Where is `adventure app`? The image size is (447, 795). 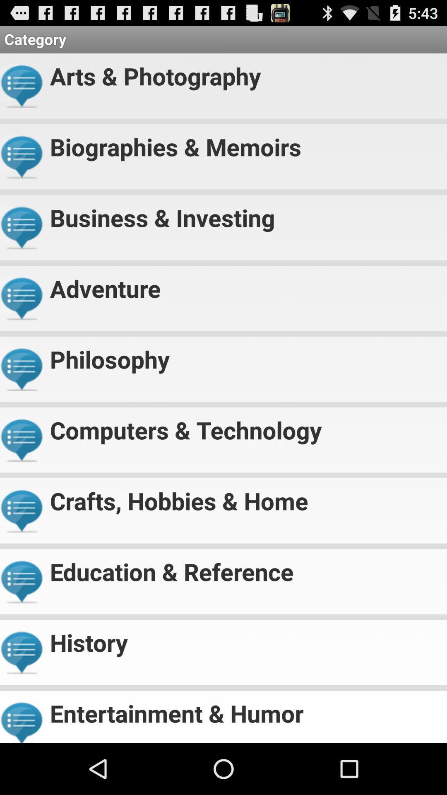 adventure app is located at coordinates (245, 285).